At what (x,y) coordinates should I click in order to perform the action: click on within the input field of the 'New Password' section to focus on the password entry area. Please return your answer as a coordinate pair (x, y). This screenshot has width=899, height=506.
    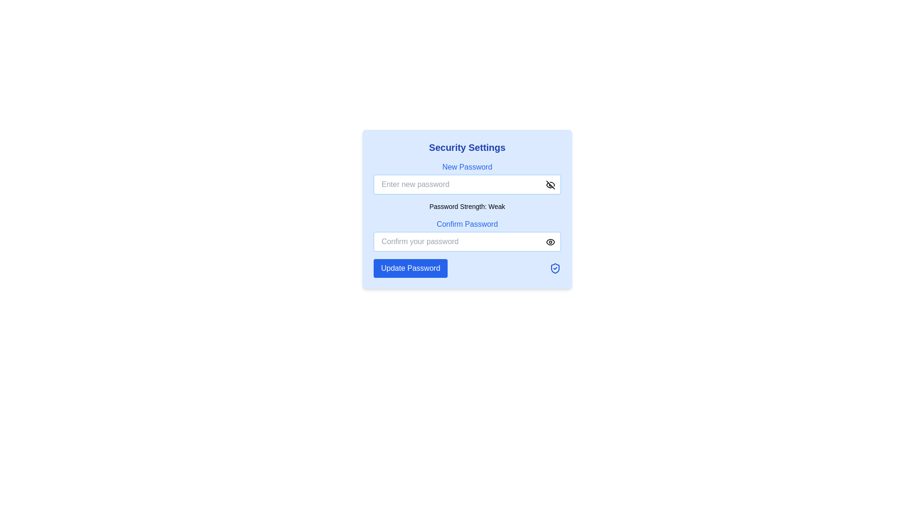
    Looking at the image, I should click on (467, 184).